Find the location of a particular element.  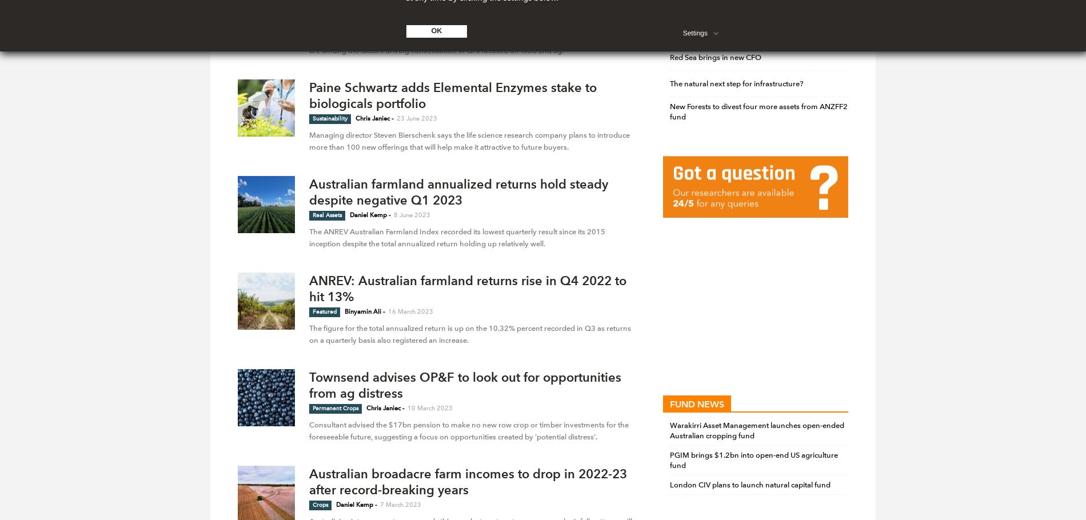

'Binyamin Ali' is located at coordinates (362, 311).